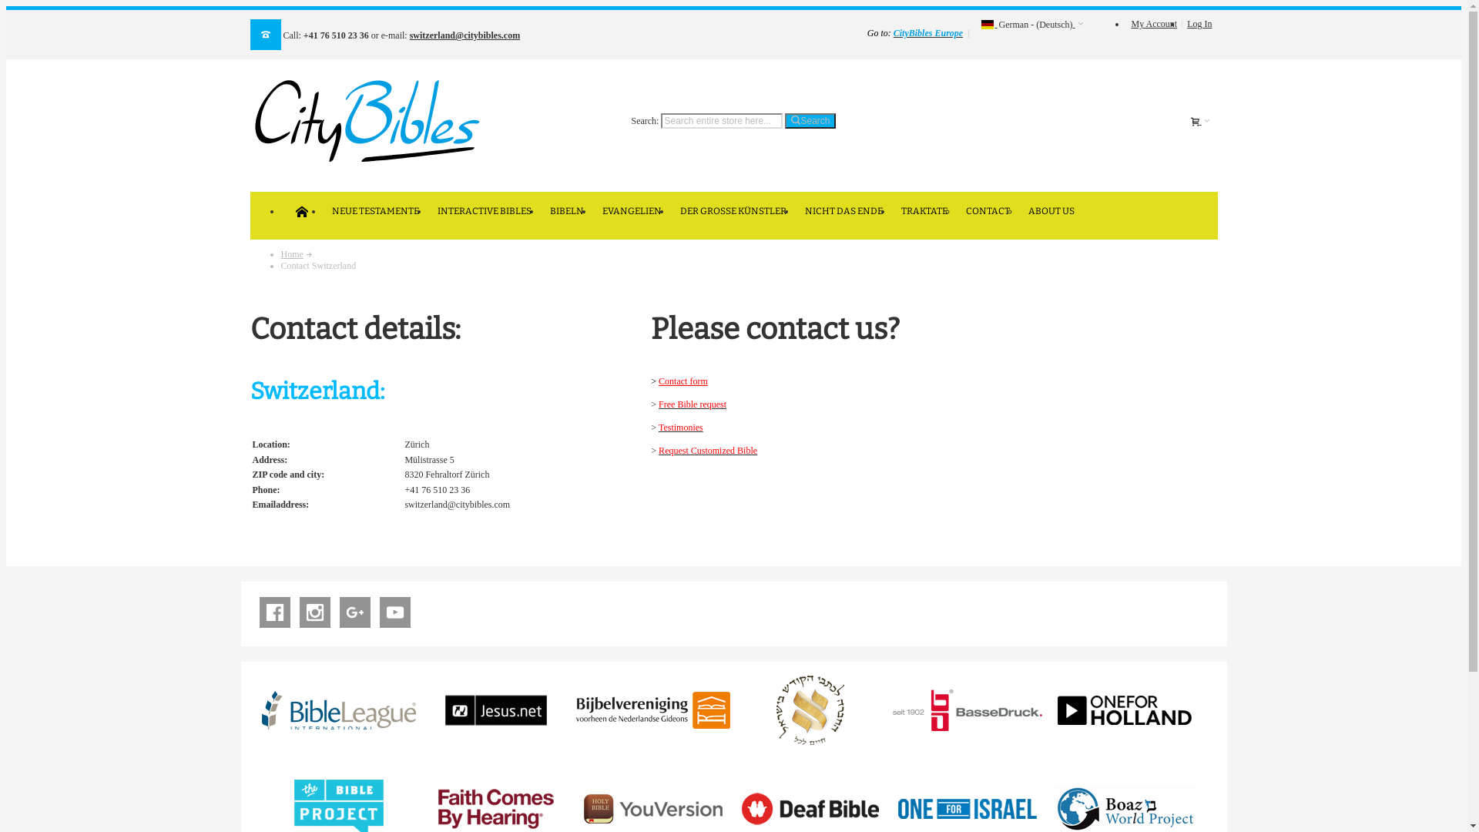 This screenshot has height=832, width=1479. I want to click on 'Home', so click(280, 253).